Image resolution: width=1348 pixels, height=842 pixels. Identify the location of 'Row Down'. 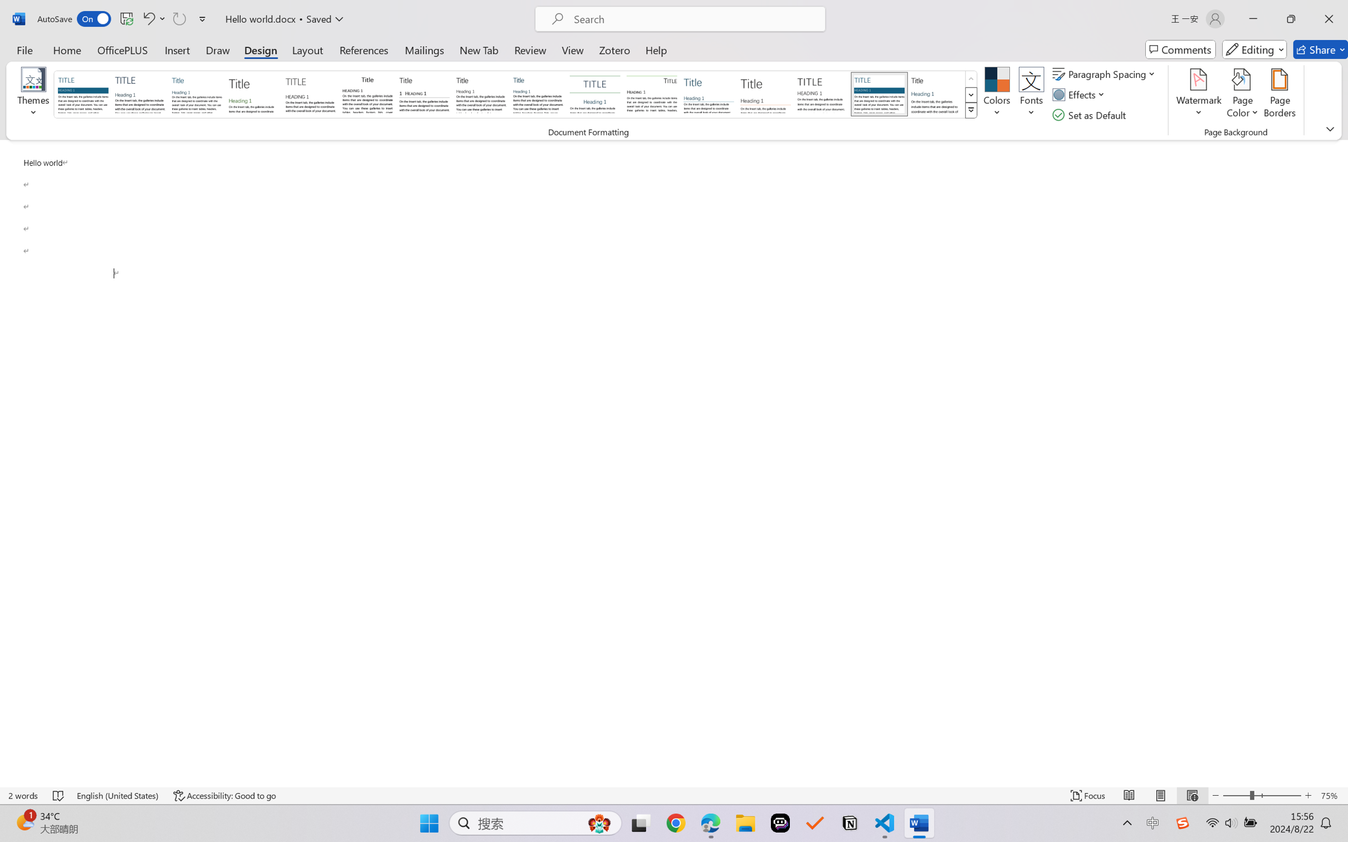
(970, 95).